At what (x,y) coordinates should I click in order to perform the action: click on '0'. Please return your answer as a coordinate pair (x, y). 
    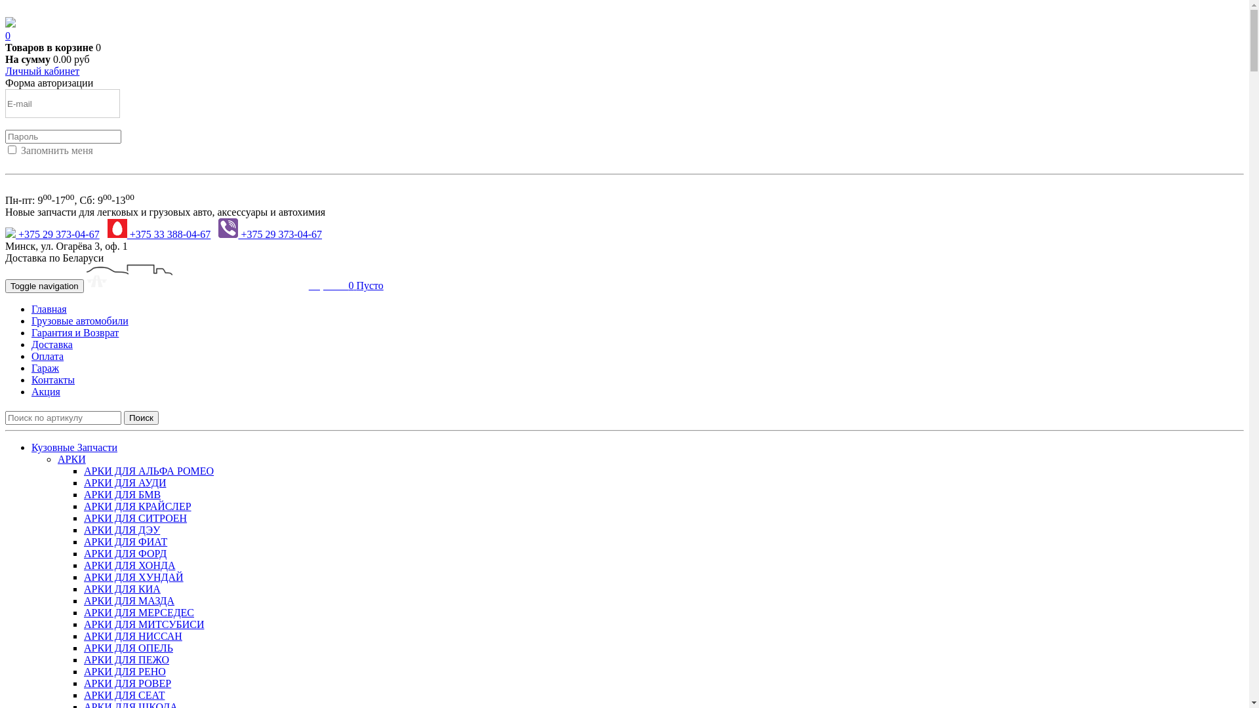
    Looking at the image, I should click on (8, 35).